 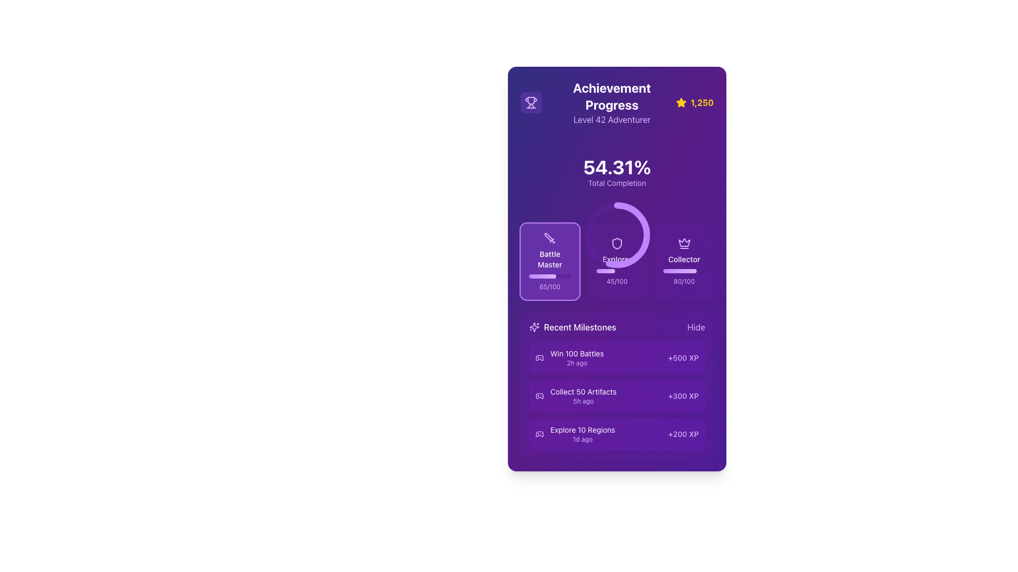 What do you see at coordinates (617, 102) in the screenshot?
I see `the displayed information in the header element containing 'Achievement Progress', 'Level 42 Adventurer', and '1,250', along with a trophy icon and a yellow star, located at the top of the interface card` at bounding box center [617, 102].